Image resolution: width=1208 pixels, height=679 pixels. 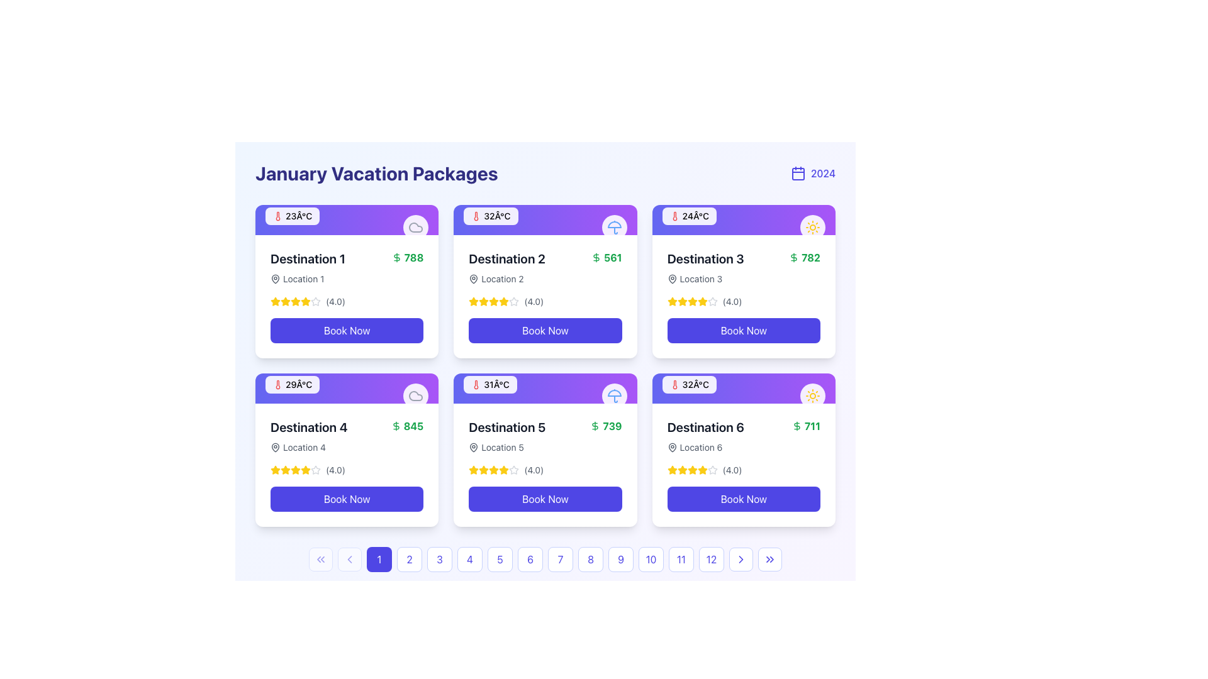 I want to click on map pin marker icon located at the center of the pin shape, which is positioned next to the text 'Location 1' in the 'Destination 1' card, so click(x=671, y=278).